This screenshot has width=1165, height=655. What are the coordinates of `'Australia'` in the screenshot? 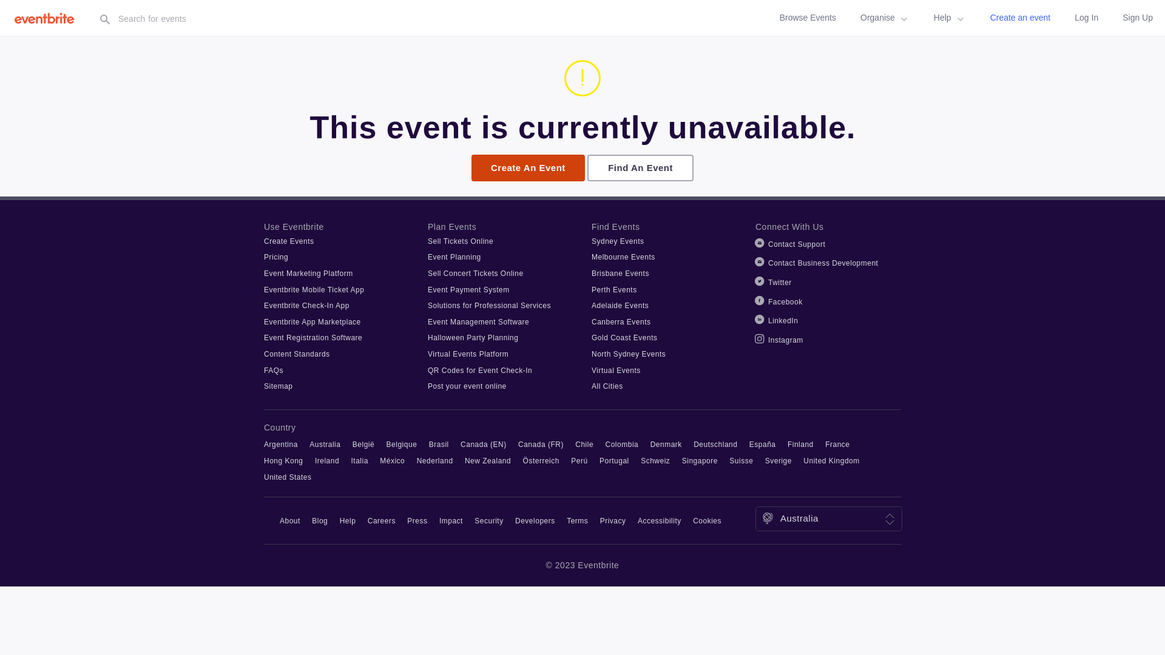 It's located at (799, 518).